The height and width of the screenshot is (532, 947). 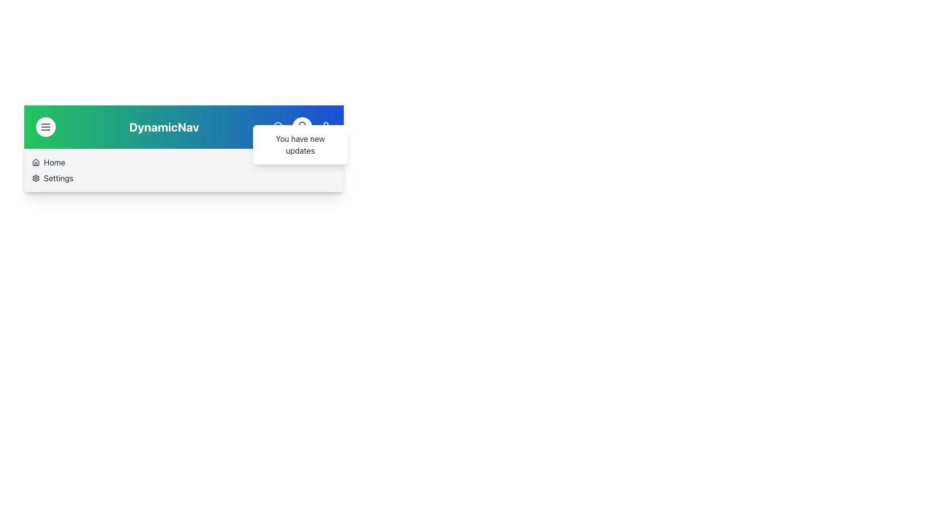 I want to click on the Text Display element that serves as the title or branding identifier for the navigation bar, located at the center of the top navigation bar, so click(x=164, y=127).